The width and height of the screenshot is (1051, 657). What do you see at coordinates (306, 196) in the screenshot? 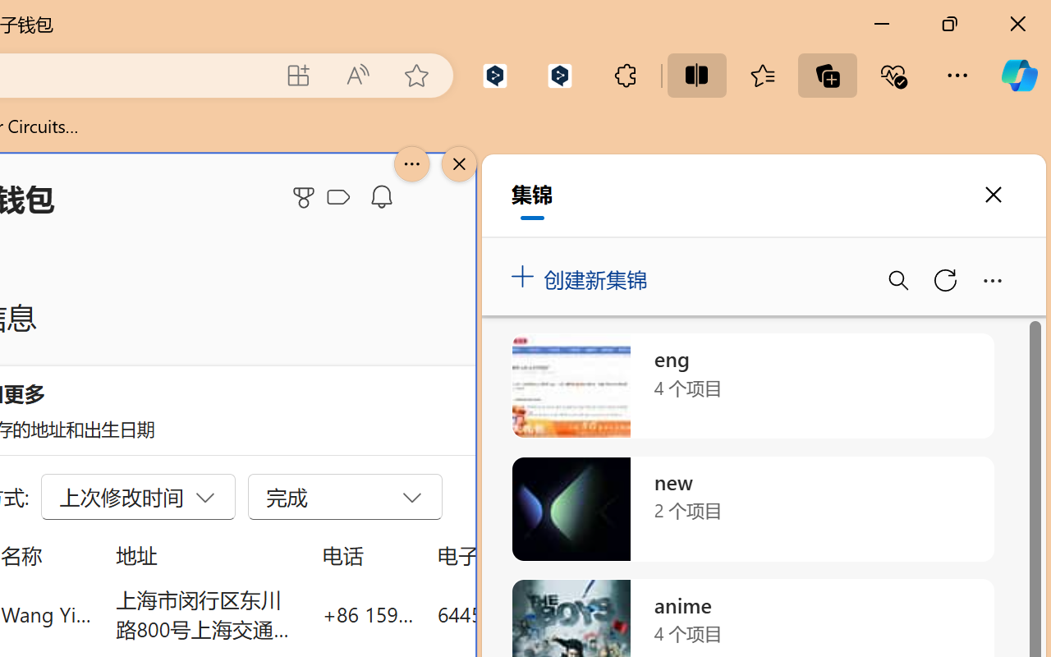
I see `'Microsoft Rewards'` at bounding box center [306, 196].